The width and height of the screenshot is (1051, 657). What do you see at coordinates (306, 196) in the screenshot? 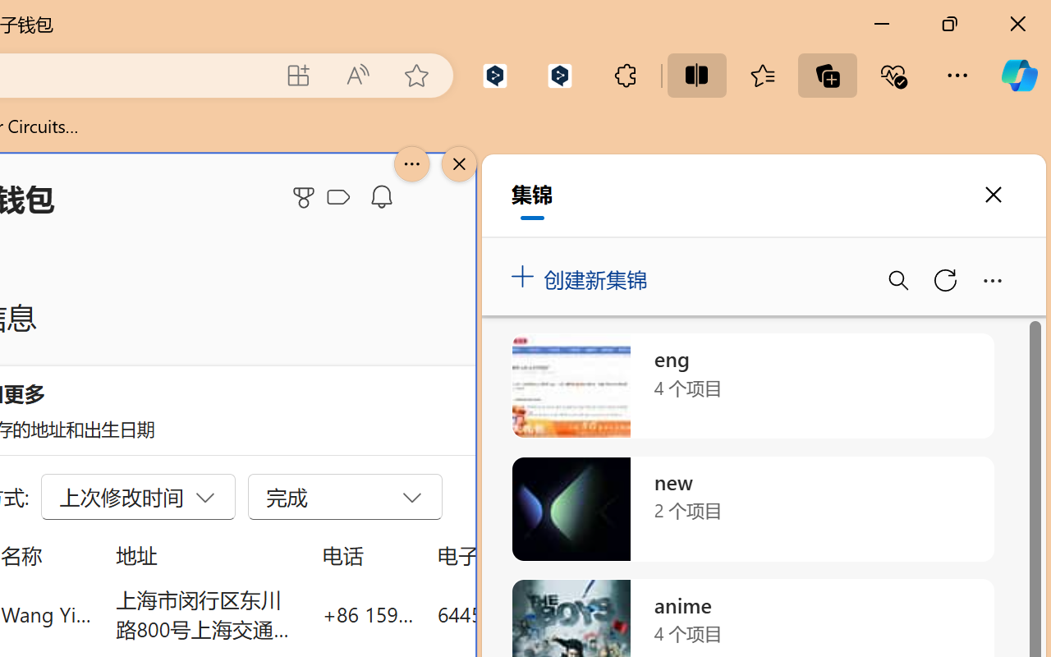
I see `'Microsoft Rewards'` at bounding box center [306, 196].